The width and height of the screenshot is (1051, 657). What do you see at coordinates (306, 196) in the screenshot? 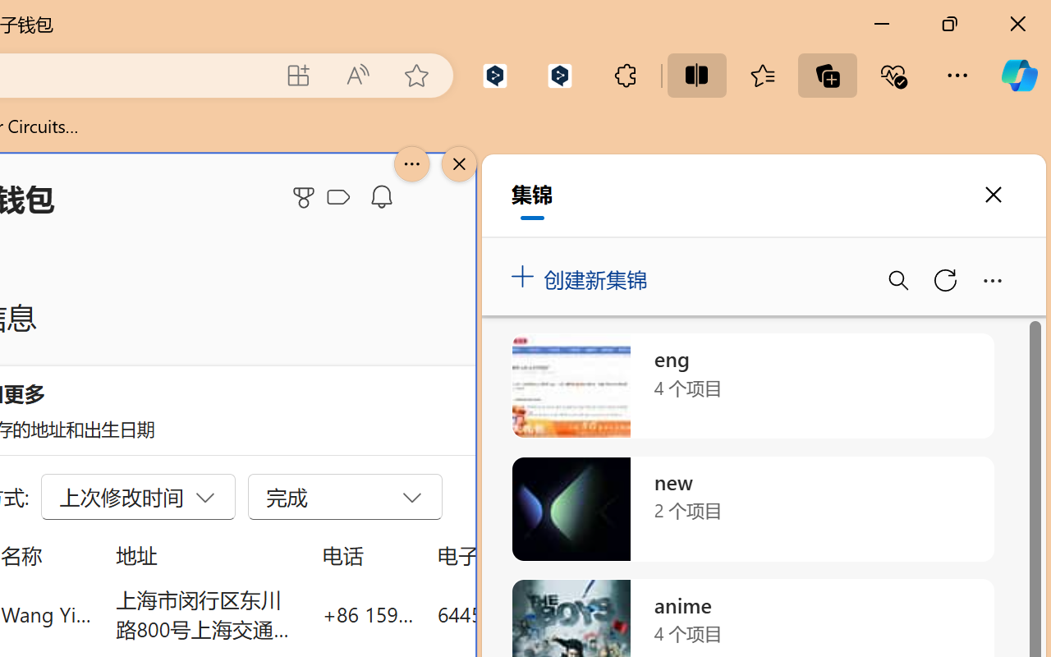
I see `'Microsoft Rewards'` at bounding box center [306, 196].